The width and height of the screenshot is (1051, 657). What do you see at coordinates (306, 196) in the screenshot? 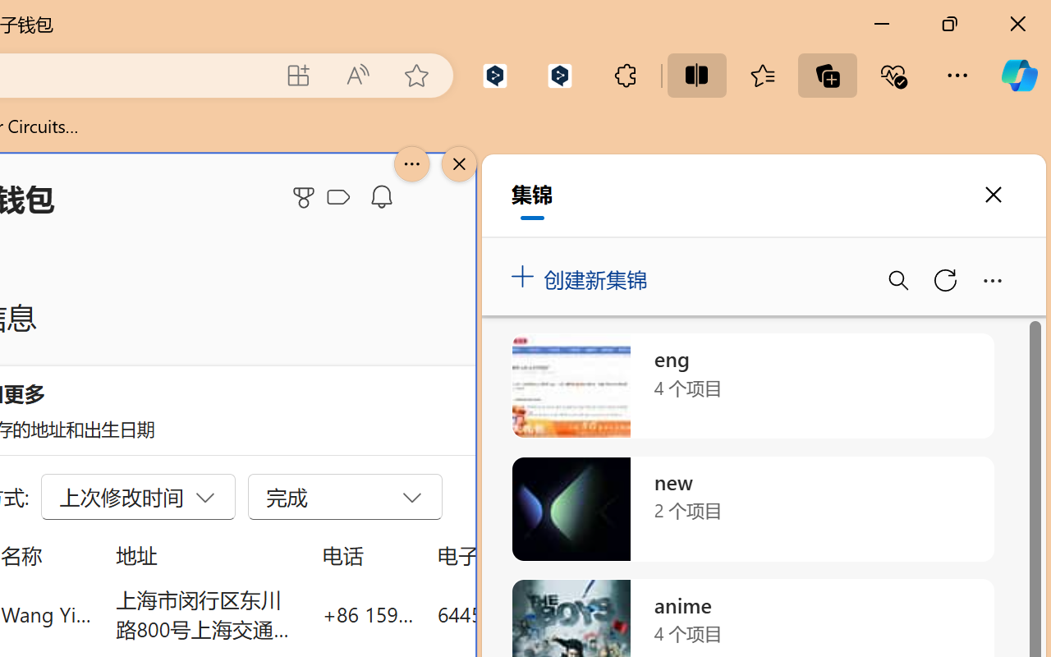
I see `'Microsoft Rewards'` at bounding box center [306, 196].